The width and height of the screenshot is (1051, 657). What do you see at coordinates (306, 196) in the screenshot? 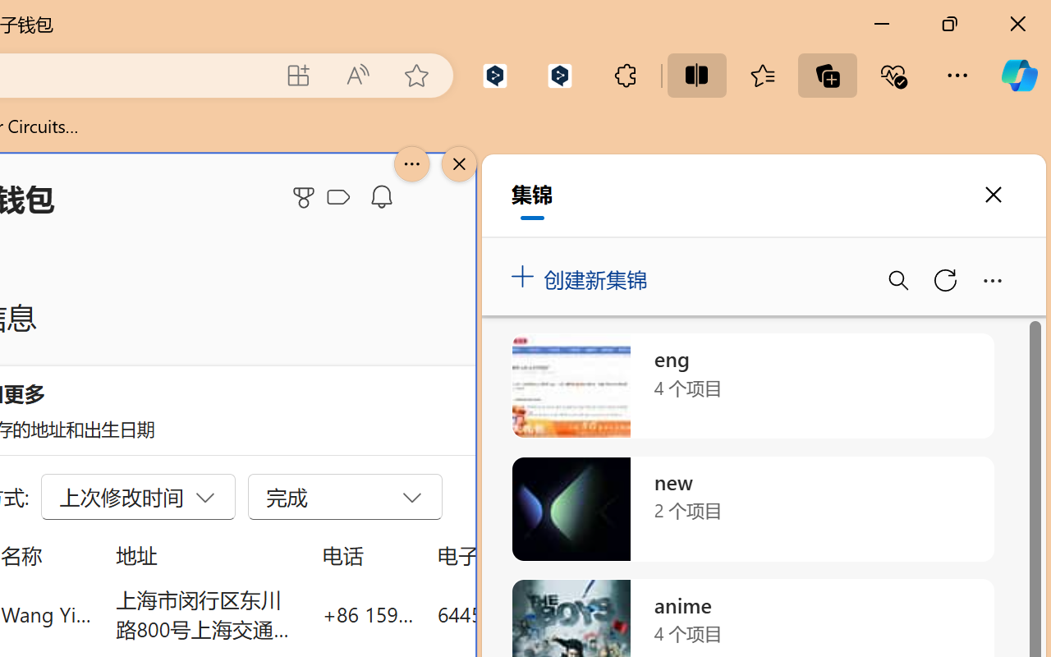
I see `'Microsoft Rewards'` at bounding box center [306, 196].